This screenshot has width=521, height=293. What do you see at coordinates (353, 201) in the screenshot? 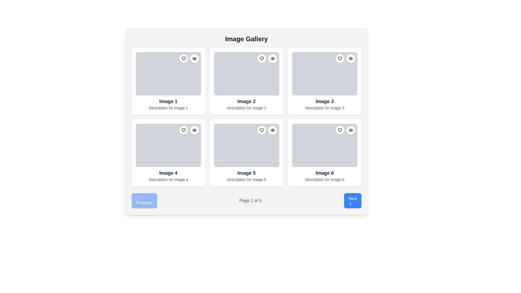
I see `the 'Next' button with a blue background and white text, located at the bottom right corner of the interface` at bounding box center [353, 201].